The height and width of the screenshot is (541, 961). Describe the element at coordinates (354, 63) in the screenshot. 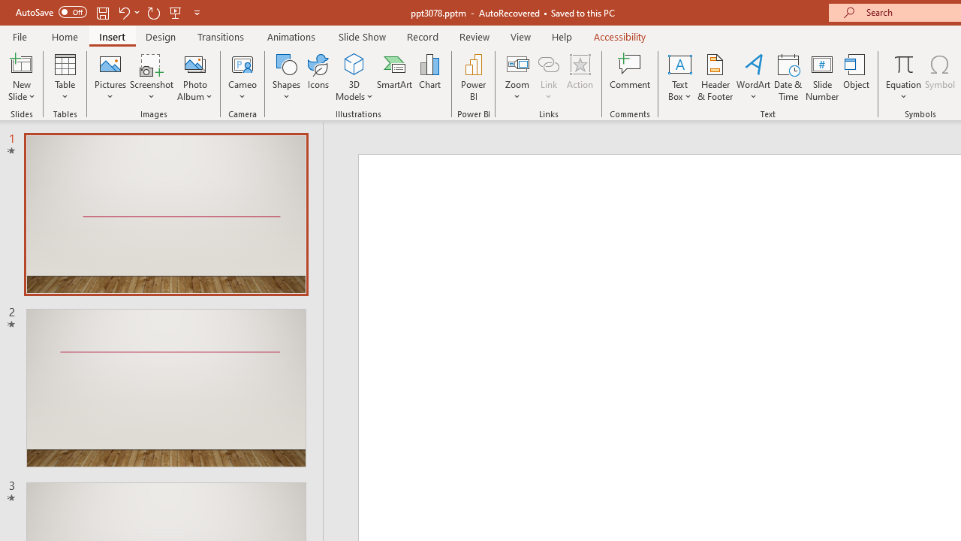

I see `'3D Models'` at that location.